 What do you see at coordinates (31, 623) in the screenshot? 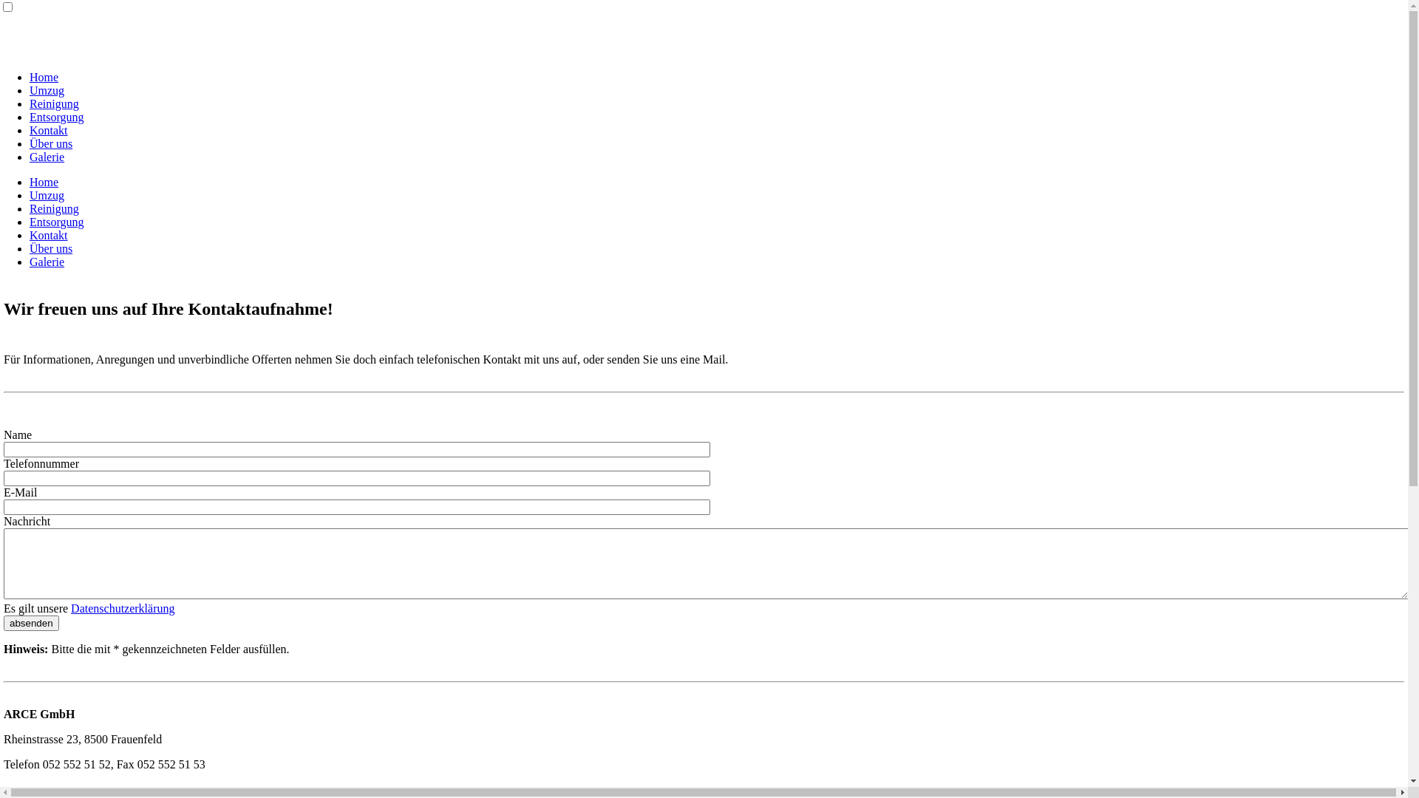
I see `'absenden'` at bounding box center [31, 623].